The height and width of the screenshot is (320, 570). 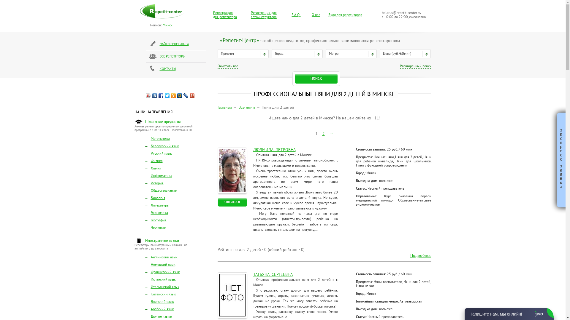 What do you see at coordinates (167, 95) in the screenshot?
I see `'Twitter'` at bounding box center [167, 95].